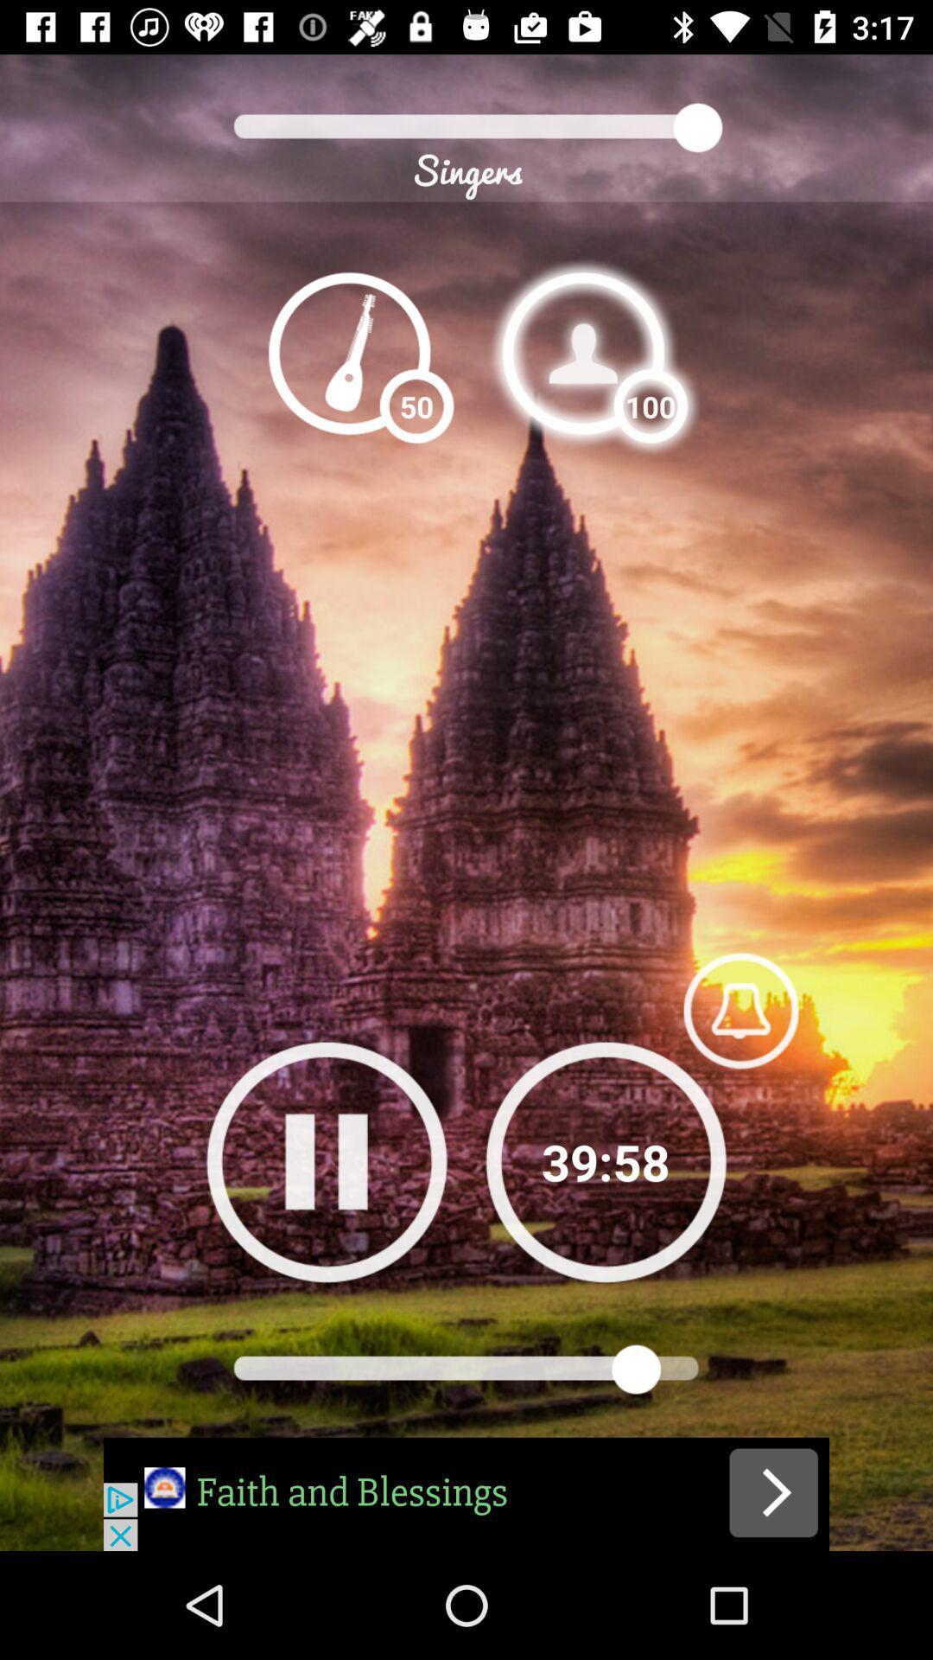 This screenshot has width=933, height=1660. What do you see at coordinates (327, 1161) in the screenshot?
I see `button to pause something` at bounding box center [327, 1161].